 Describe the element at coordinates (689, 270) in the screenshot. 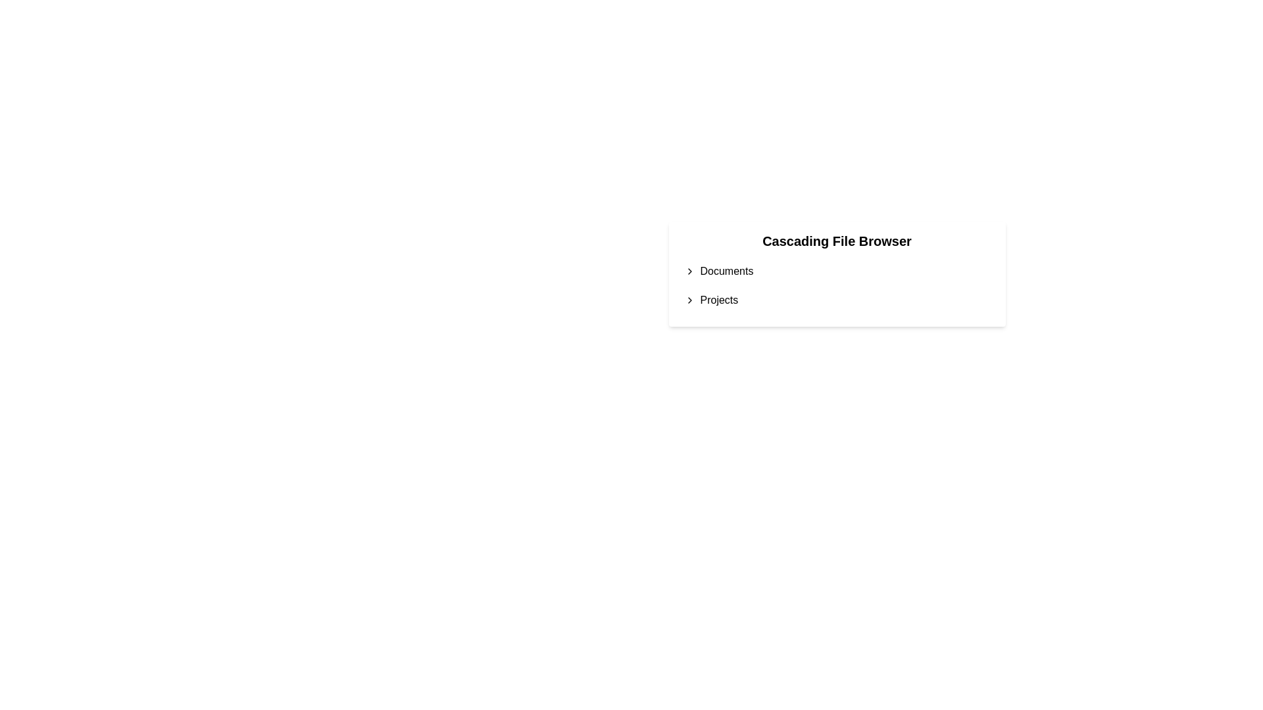

I see `the Chevron Icon located in the 'Documents' section, which indicates the presence of a submenu or additional content` at that location.